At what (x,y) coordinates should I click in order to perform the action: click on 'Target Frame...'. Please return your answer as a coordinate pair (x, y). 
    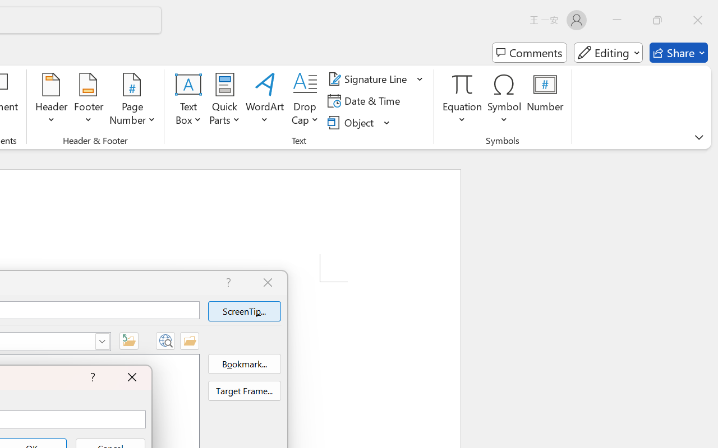
    Looking at the image, I should click on (243, 391).